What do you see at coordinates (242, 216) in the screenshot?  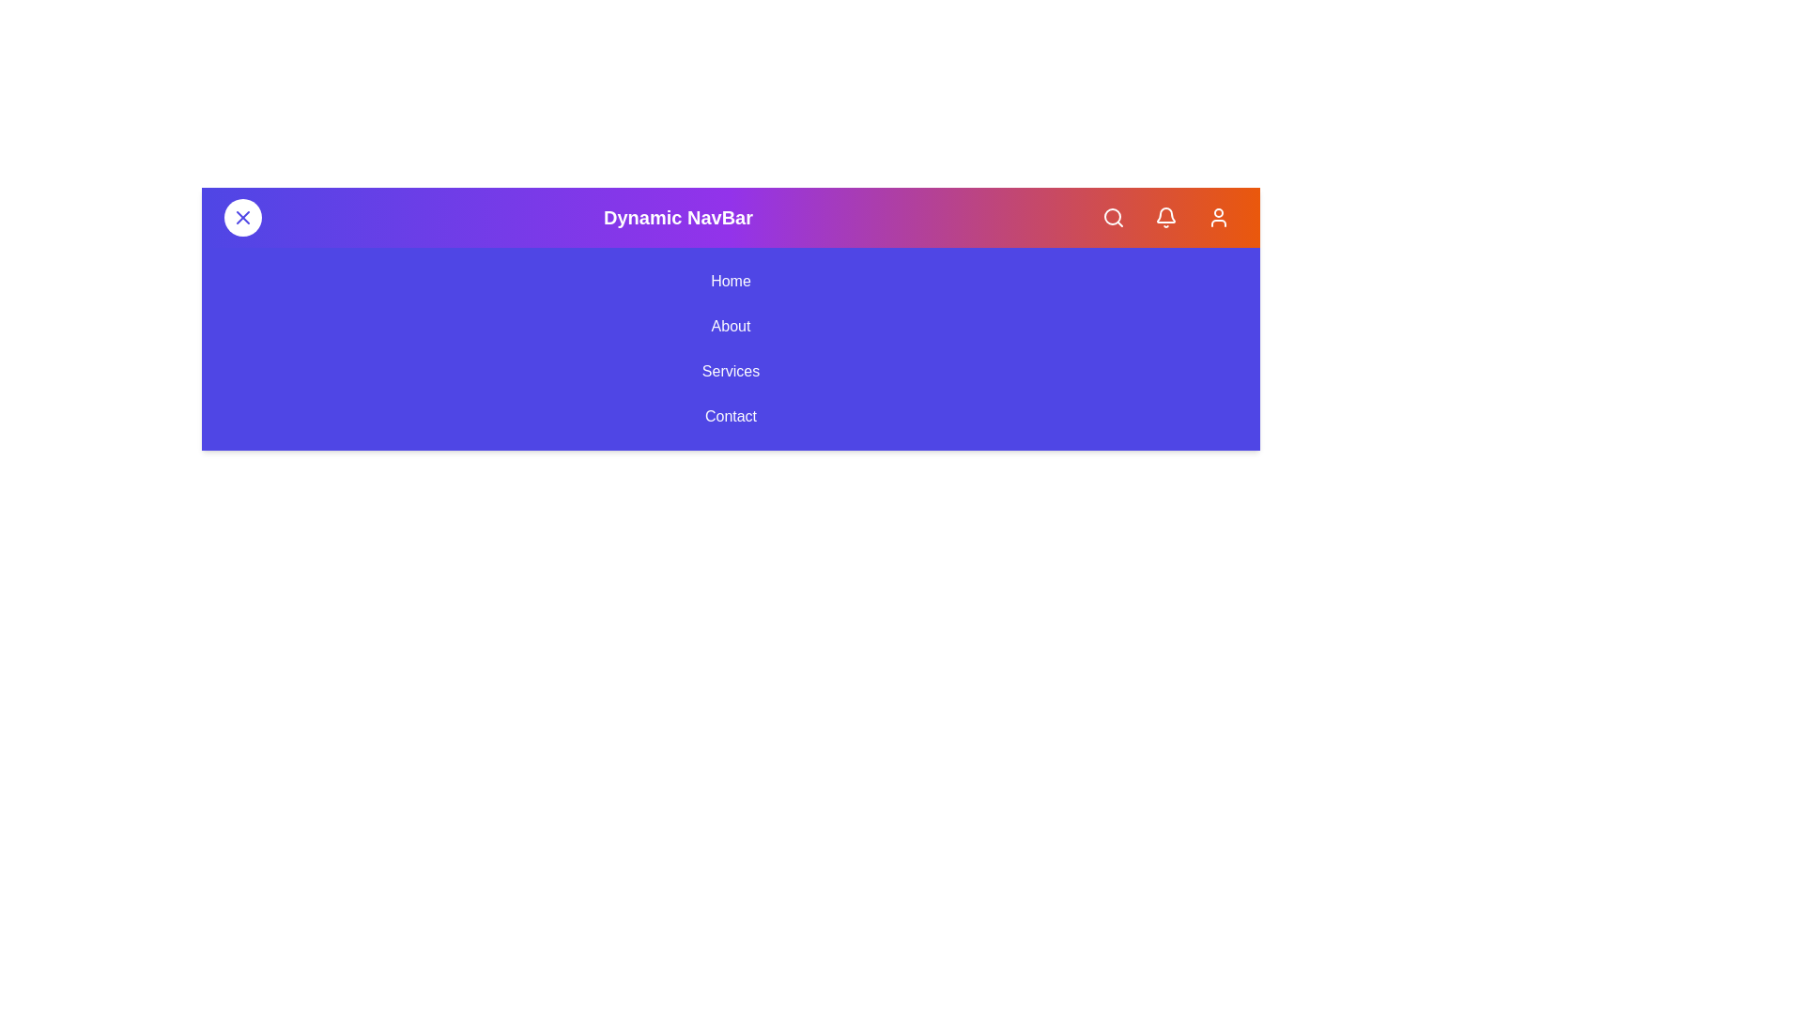 I see `the menu button to toggle the menu visibility` at bounding box center [242, 216].